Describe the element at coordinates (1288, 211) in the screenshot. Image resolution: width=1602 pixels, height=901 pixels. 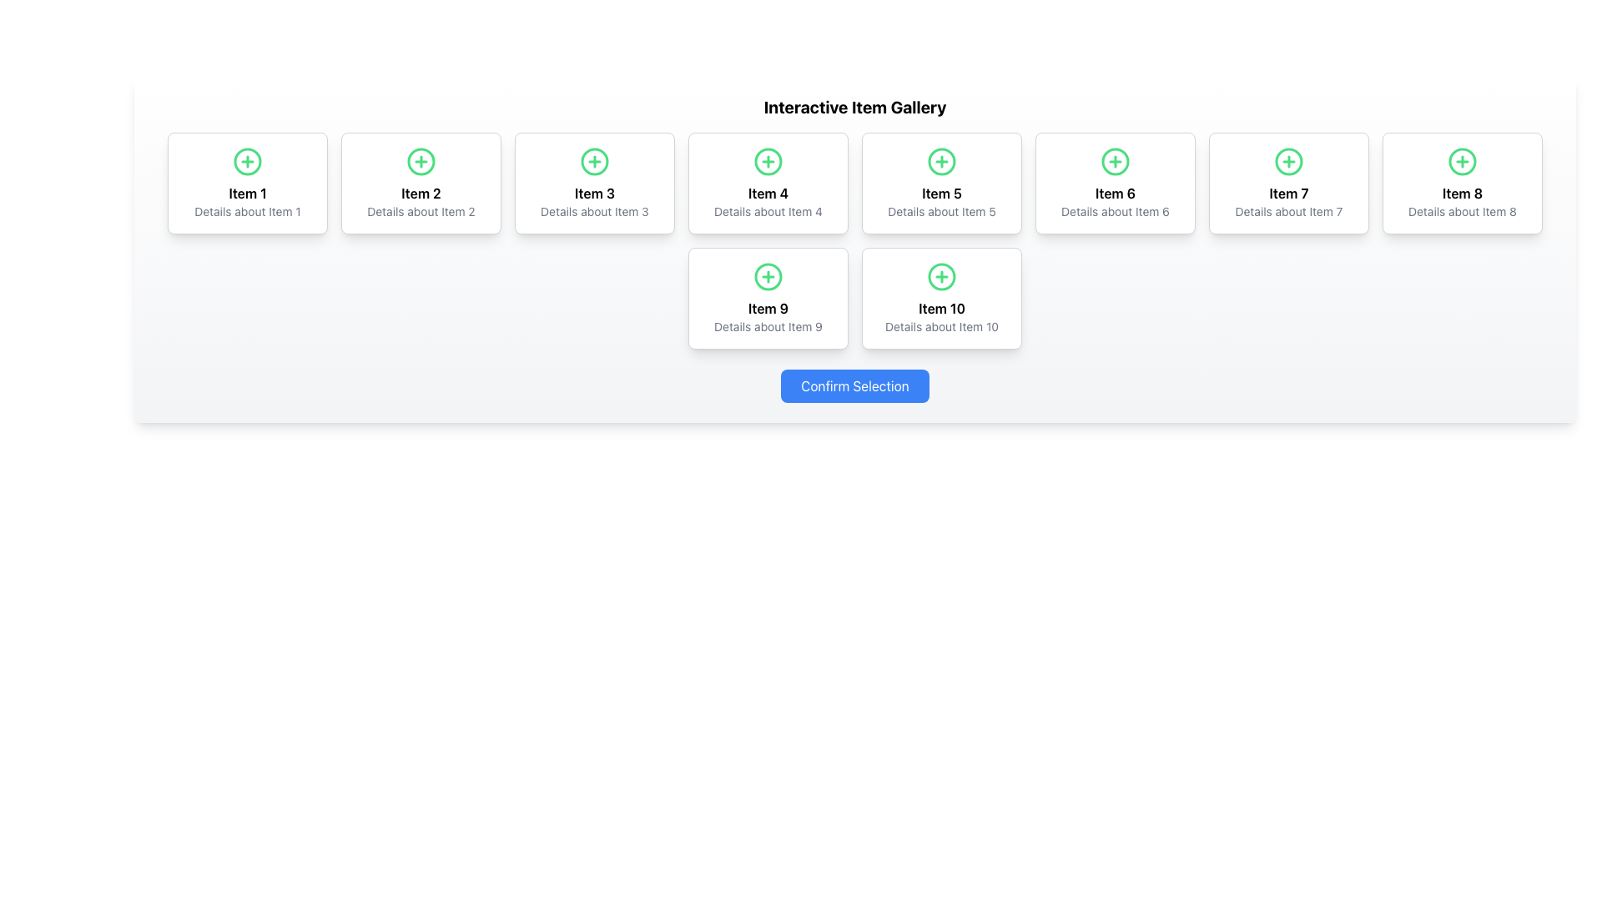
I see `the text label displaying 'Details about Item 7', which is positioned below the bold label 'Item 7' within the card layout` at that location.